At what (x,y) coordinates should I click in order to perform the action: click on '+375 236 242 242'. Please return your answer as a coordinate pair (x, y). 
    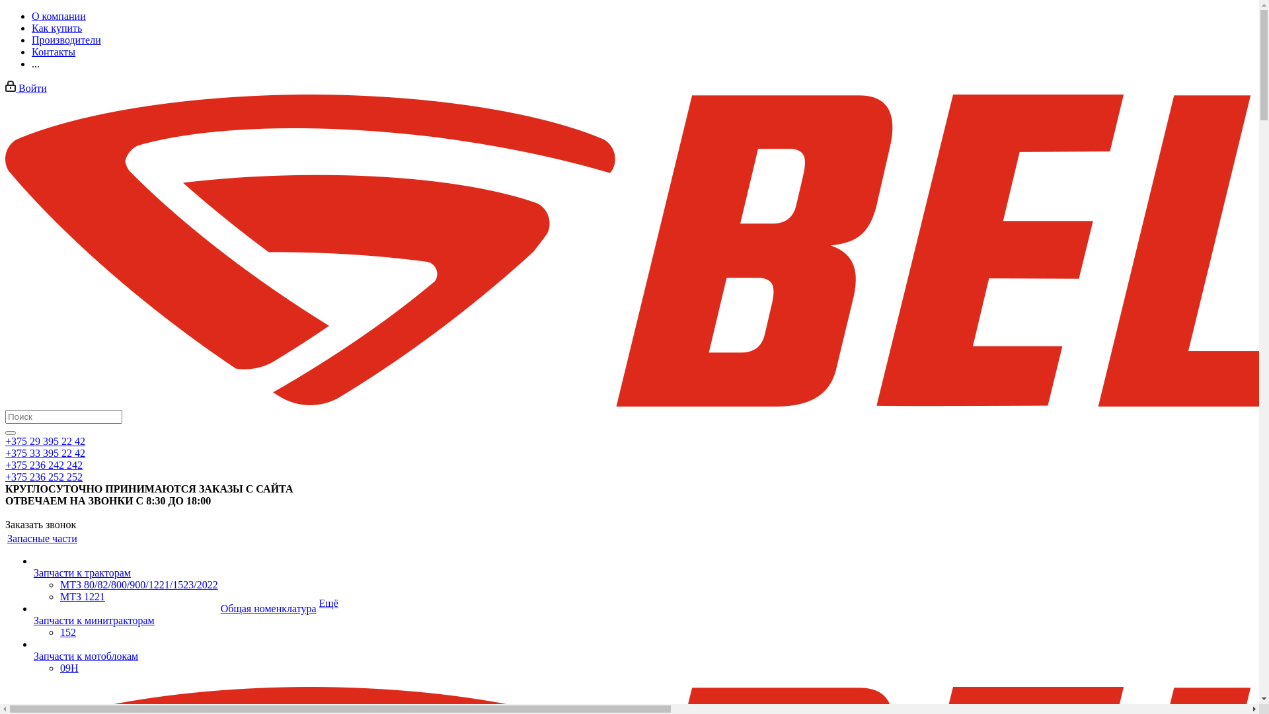
    Looking at the image, I should click on (44, 464).